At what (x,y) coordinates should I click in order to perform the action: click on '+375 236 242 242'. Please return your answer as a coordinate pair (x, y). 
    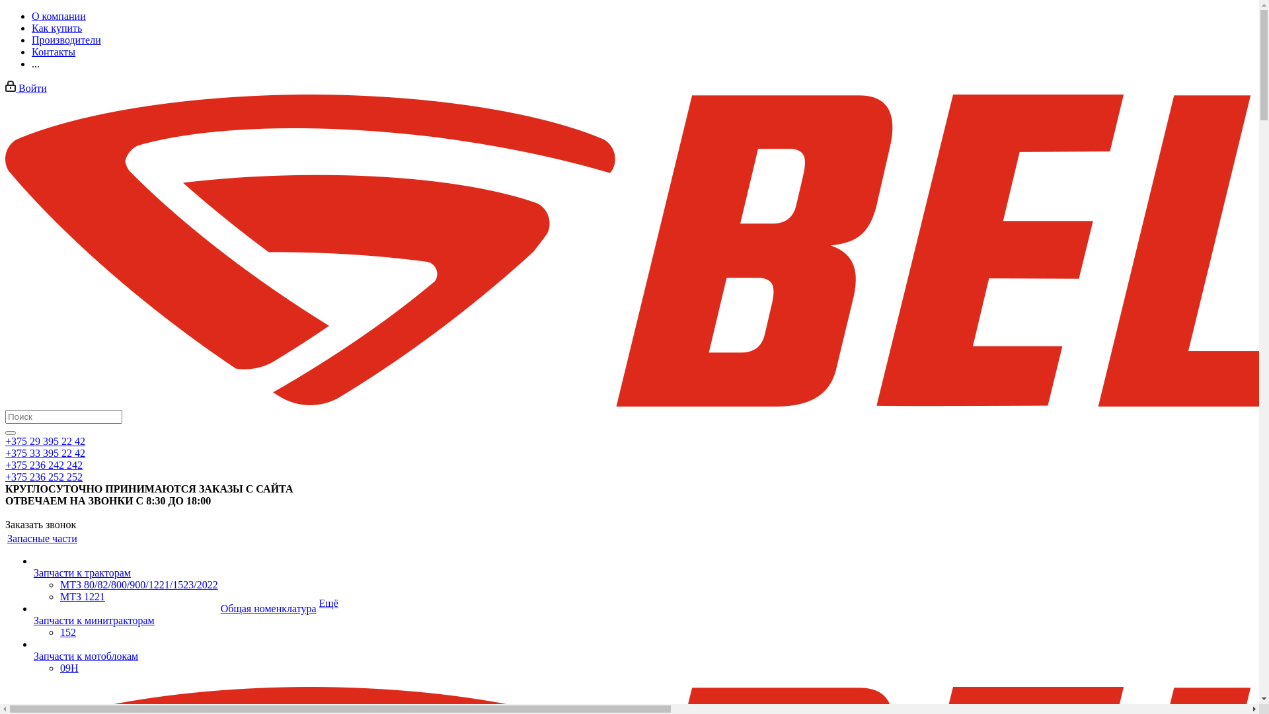
    Looking at the image, I should click on (44, 464).